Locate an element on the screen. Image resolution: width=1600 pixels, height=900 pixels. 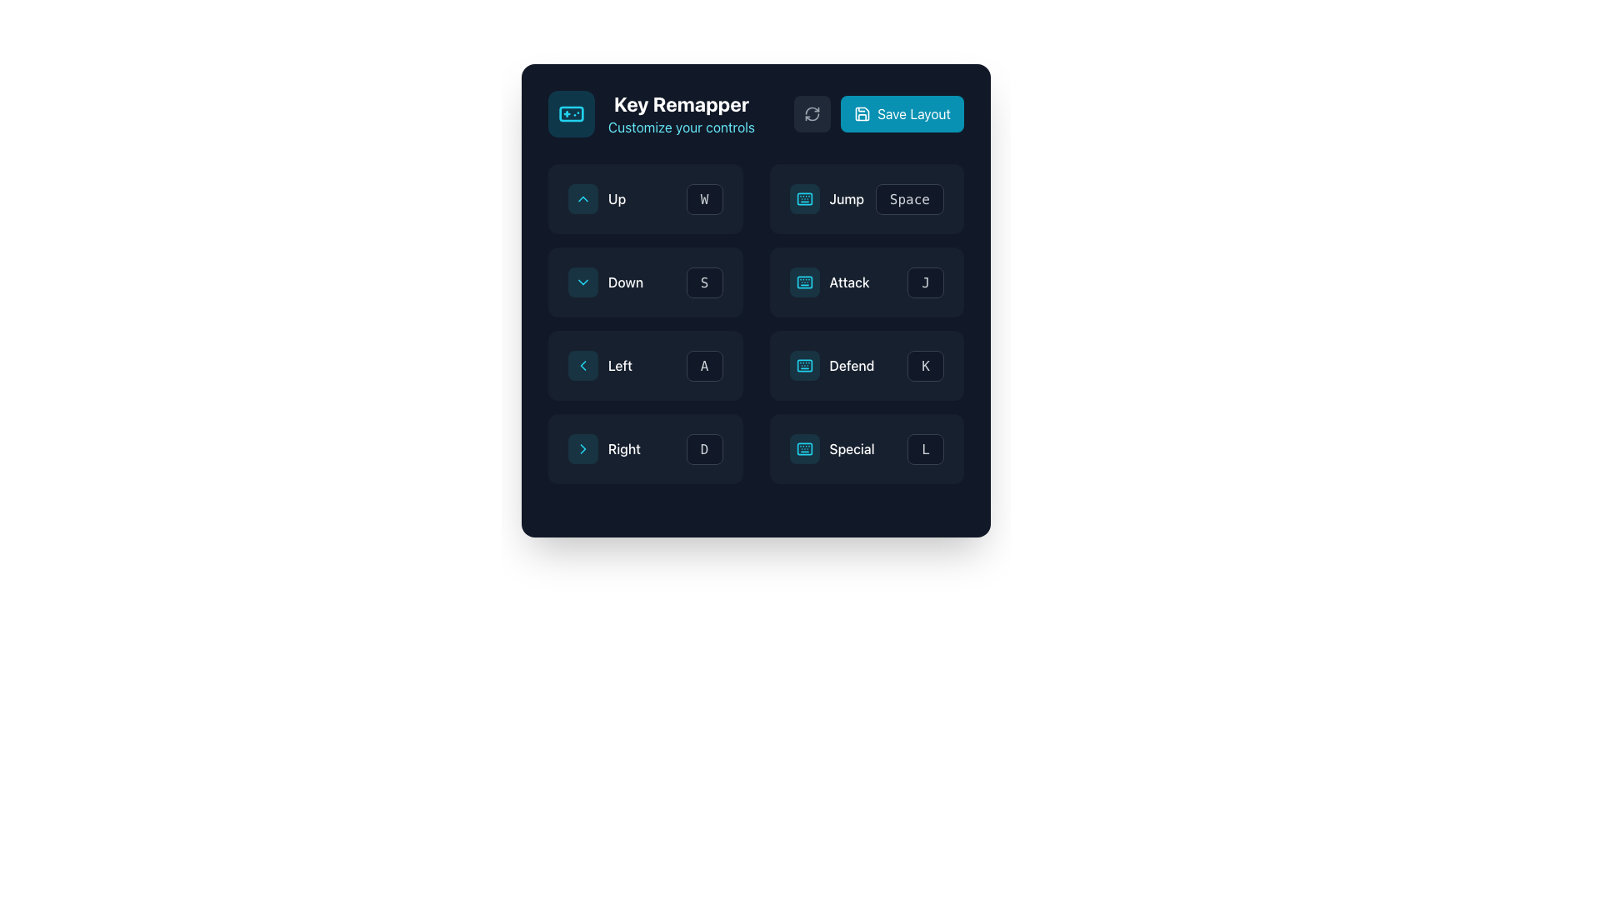
the keyboard icon/button representing the 'Jump' action, which is the first element in the cluster located at the top-right portion of the main grid is located at coordinates (804, 198).